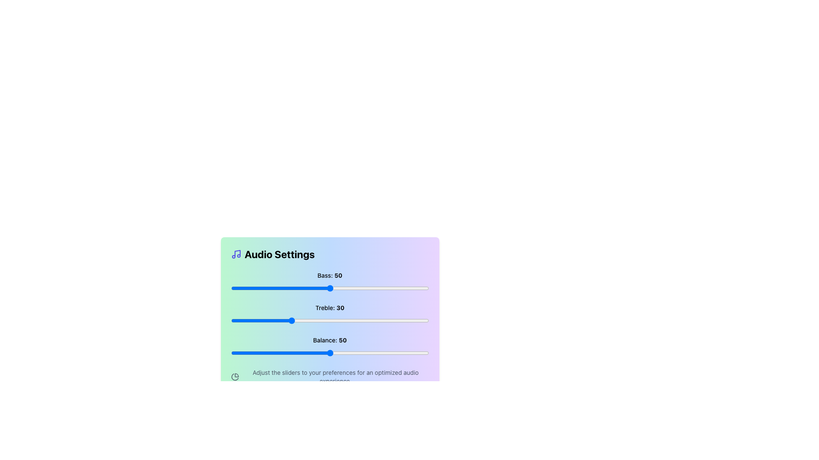 The image size is (819, 460). I want to click on the bold-styled text displaying the number '30' in the audio settings interface, which indicates the treble value, so click(340, 308).